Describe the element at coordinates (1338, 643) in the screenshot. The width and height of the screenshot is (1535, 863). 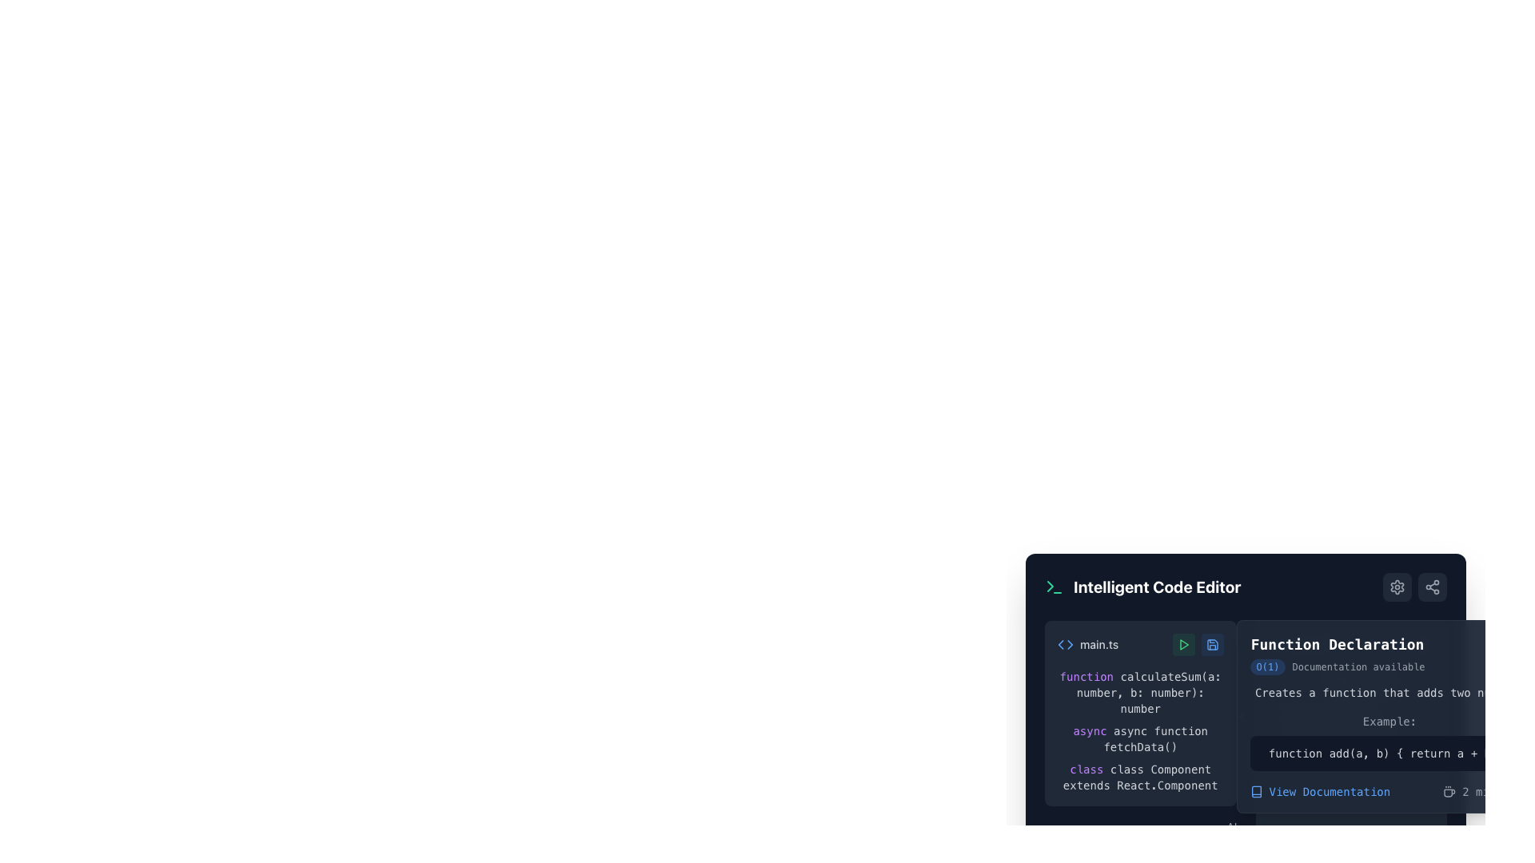
I see `the bold, white text label reading 'Function Declaration' located at the top-left of its section, which stands out against a dark background` at that location.